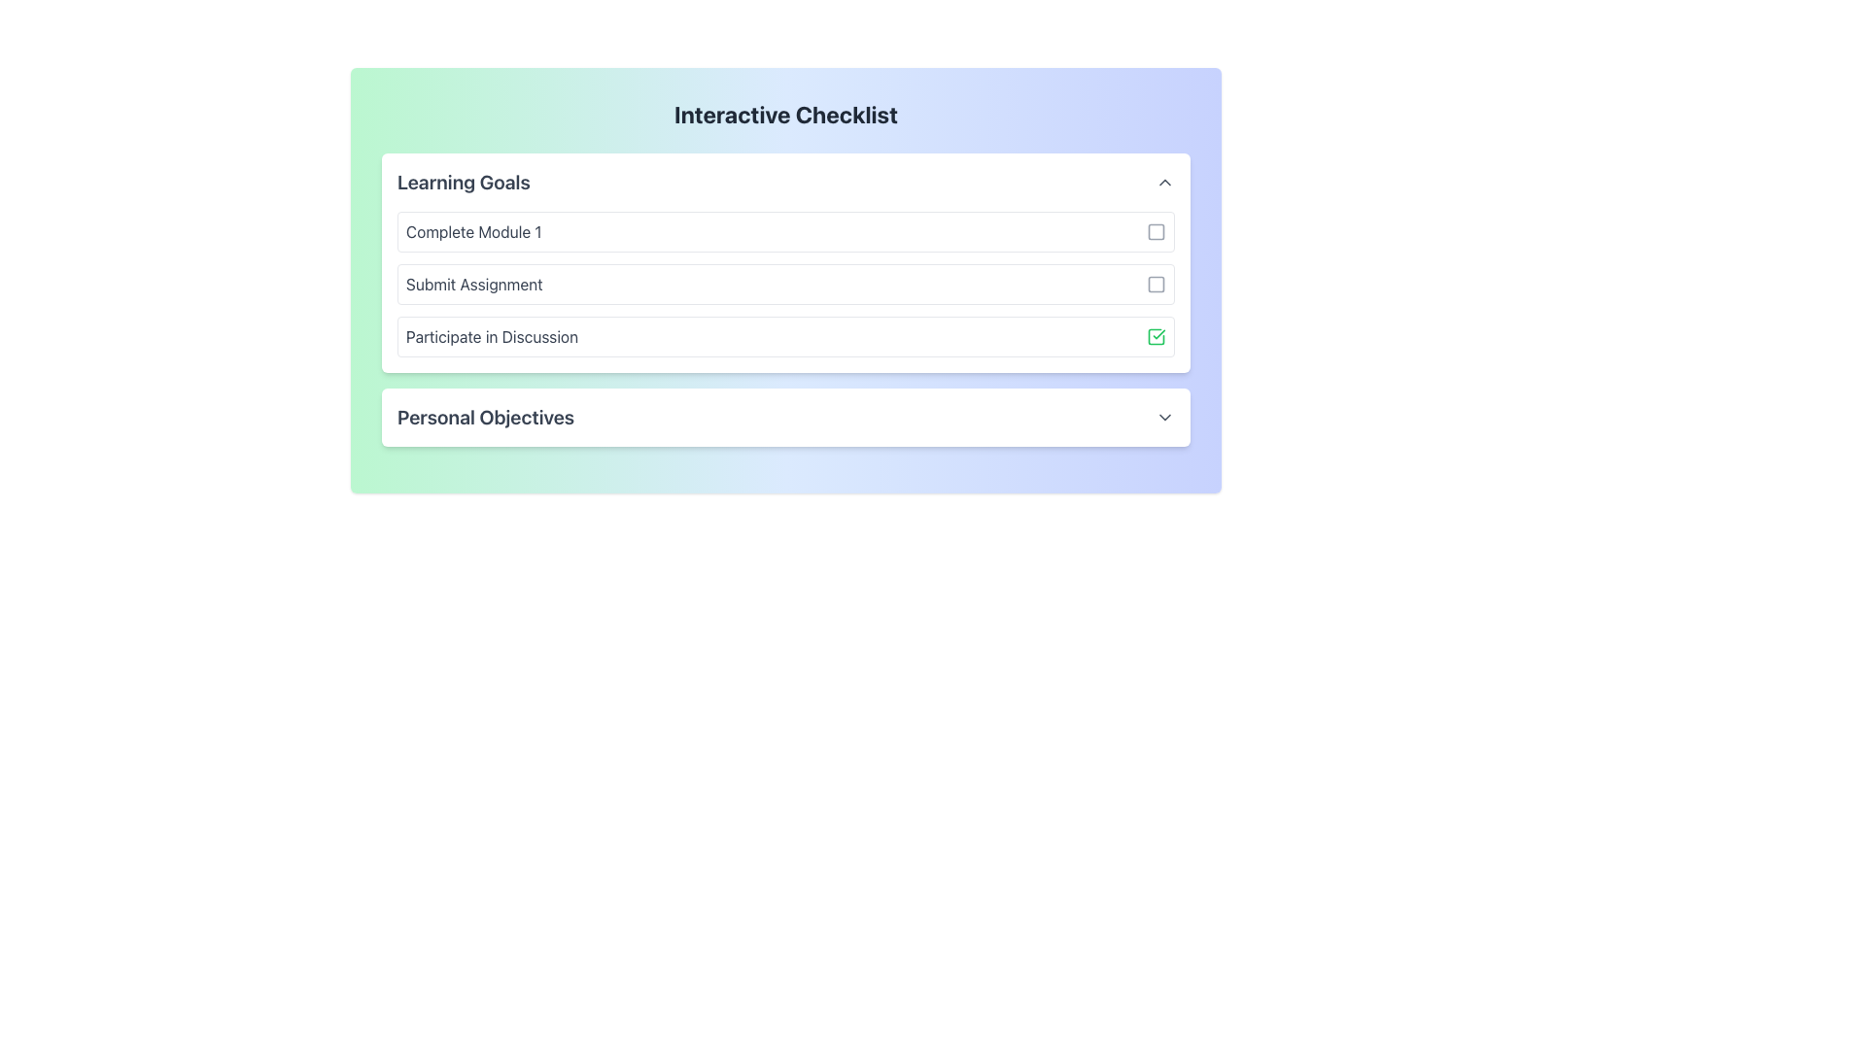 Image resolution: width=1866 pixels, height=1049 pixels. Describe the element at coordinates (1165, 416) in the screenshot. I see `the downward-facing chevron icon located to the far right of the 'Personal Objectives' header` at that location.